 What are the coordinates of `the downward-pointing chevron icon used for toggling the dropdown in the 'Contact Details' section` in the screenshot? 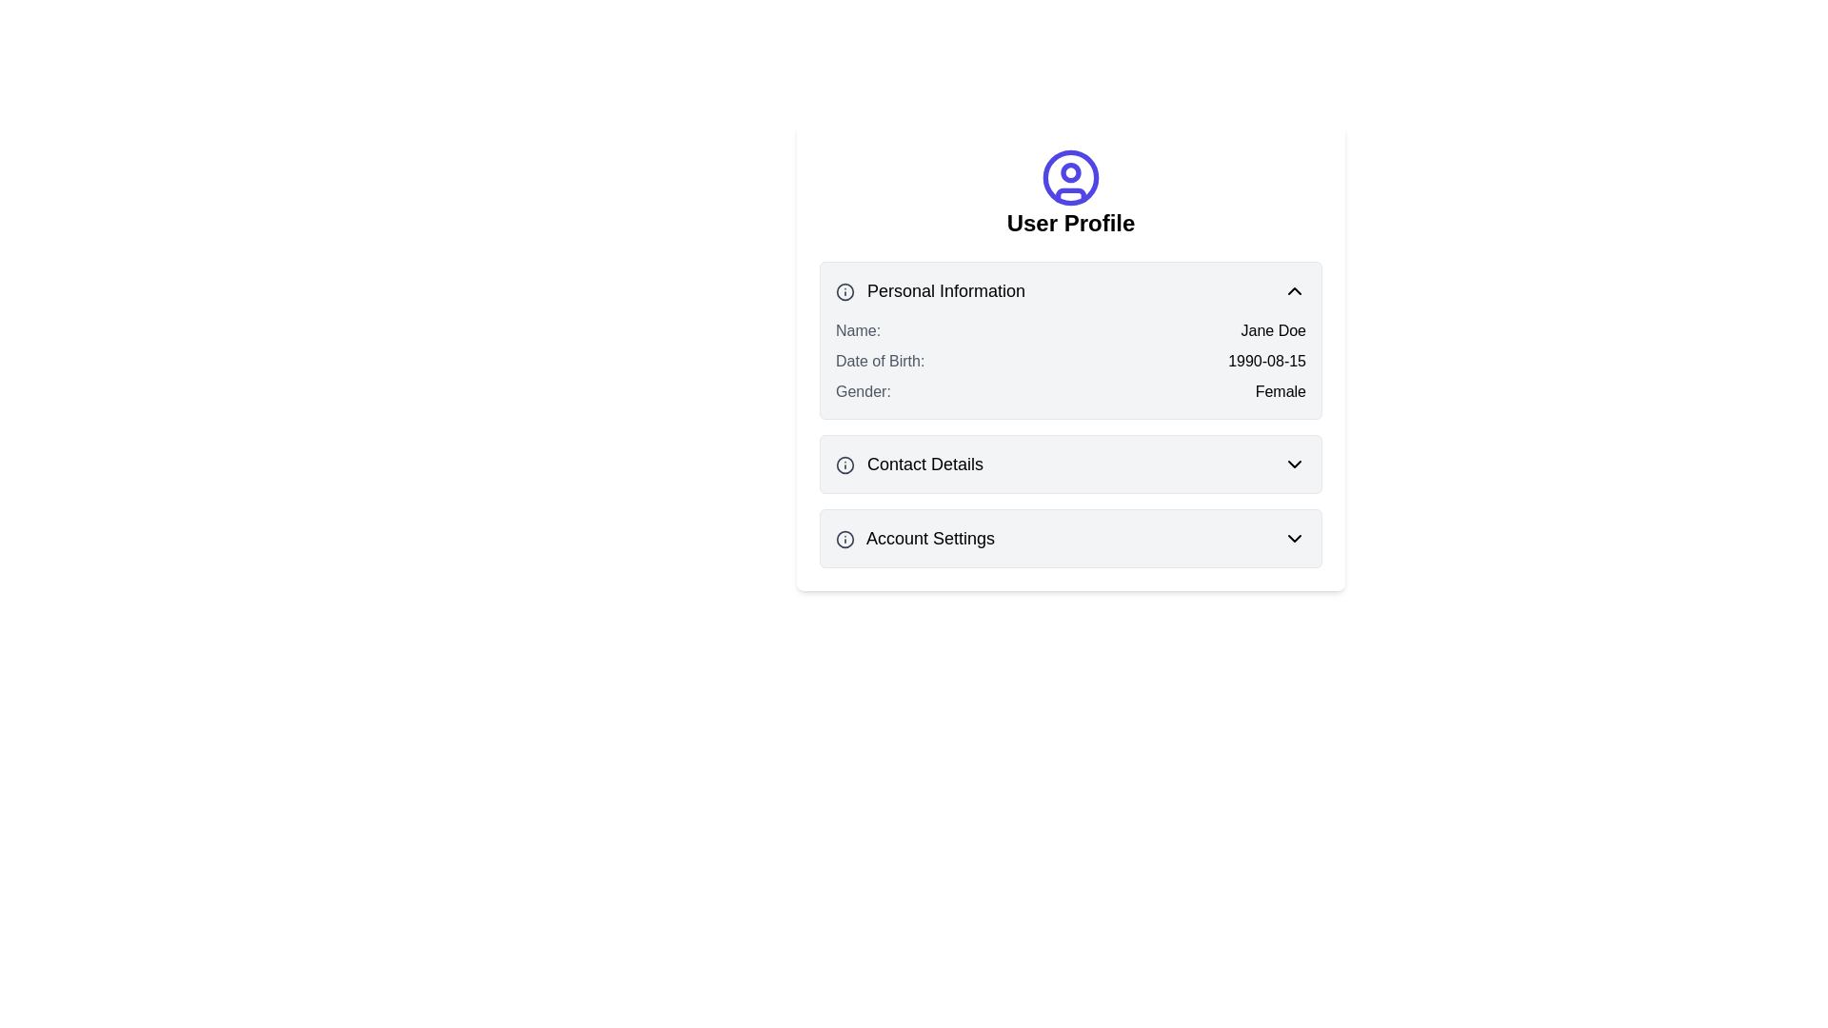 It's located at (1294, 465).